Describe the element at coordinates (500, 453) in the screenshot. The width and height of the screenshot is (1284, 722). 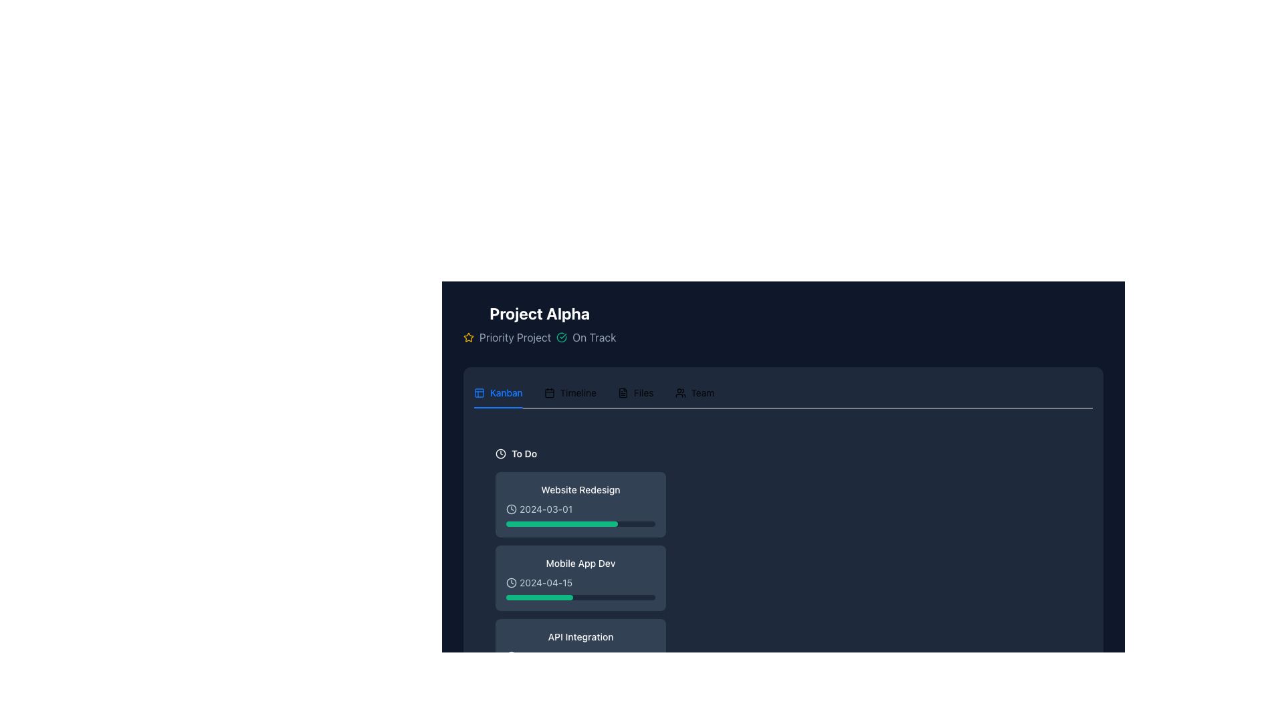
I see `the outer border of the clock icon represented by the Circle element within the SVG graphic, which is part of the 'lucide lucide-clock' class` at that location.